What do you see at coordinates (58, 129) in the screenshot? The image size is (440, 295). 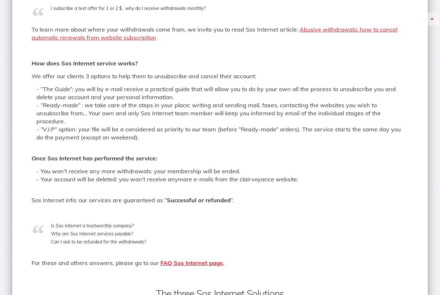 I see `'”V.I.P” option'` at bounding box center [58, 129].